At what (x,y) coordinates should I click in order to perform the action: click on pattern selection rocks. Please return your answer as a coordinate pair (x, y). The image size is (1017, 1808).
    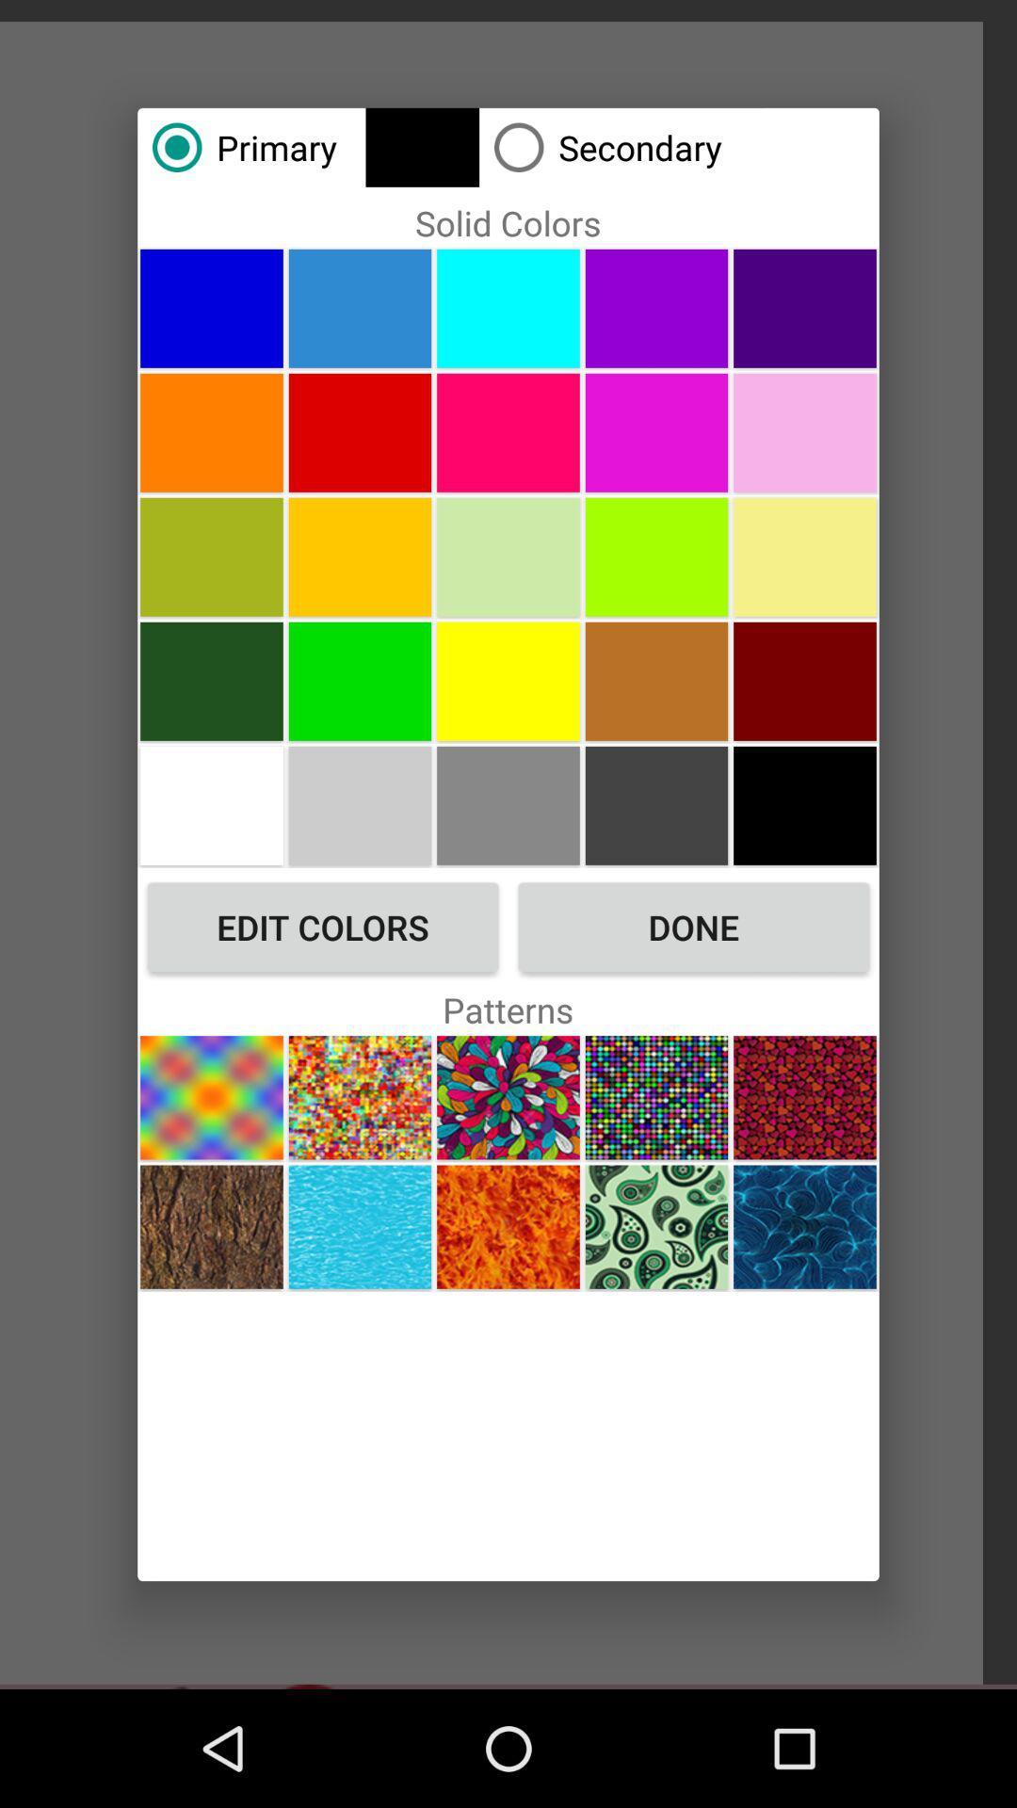
    Looking at the image, I should click on (211, 1227).